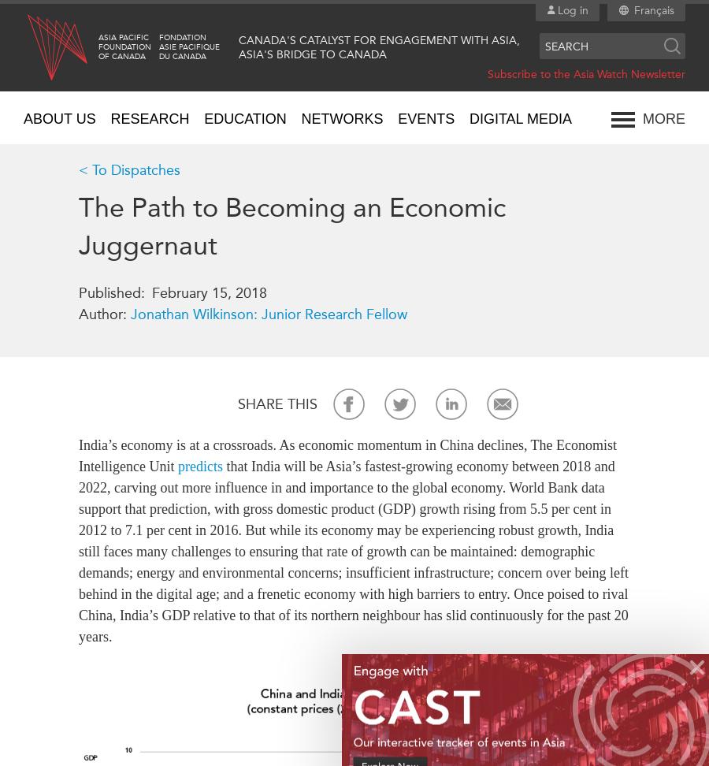  What do you see at coordinates (572, 10) in the screenshot?
I see `'Log in'` at bounding box center [572, 10].